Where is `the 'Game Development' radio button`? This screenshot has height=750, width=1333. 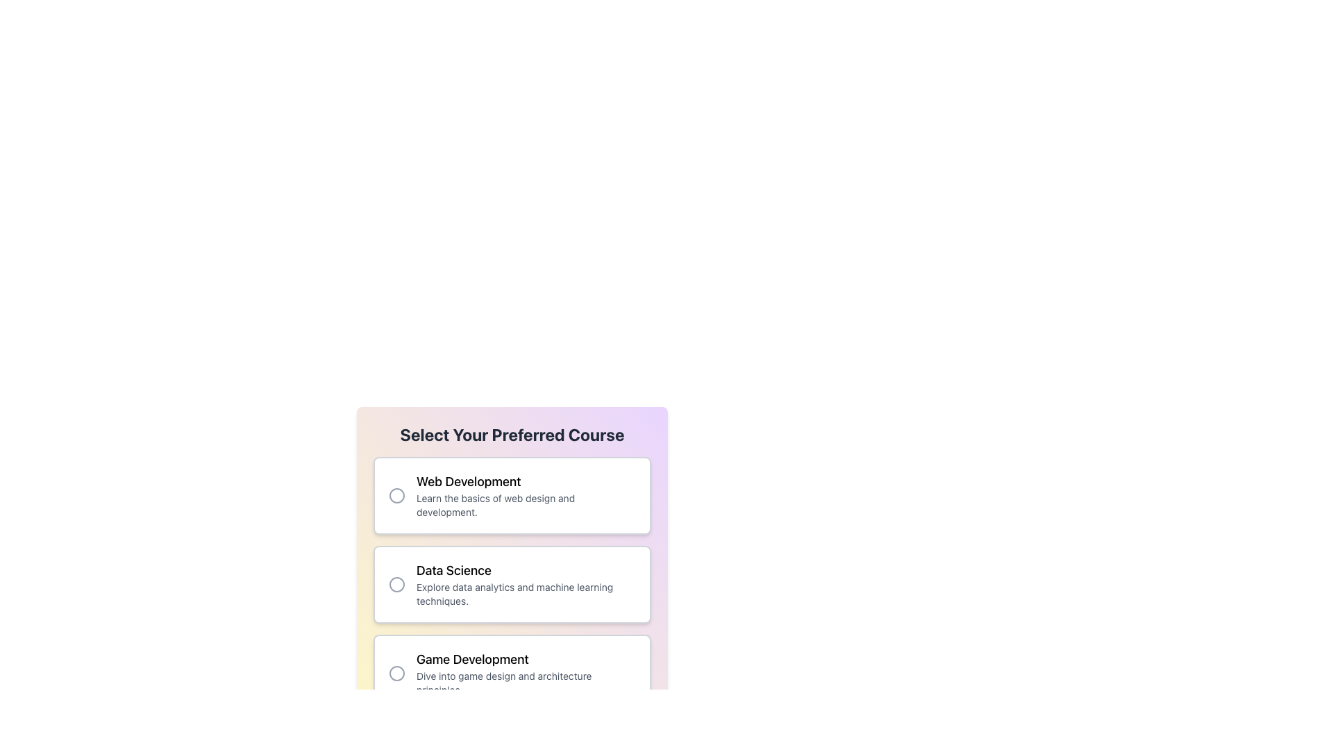
the 'Game Development' radio button is located at coordinates (396, 672).